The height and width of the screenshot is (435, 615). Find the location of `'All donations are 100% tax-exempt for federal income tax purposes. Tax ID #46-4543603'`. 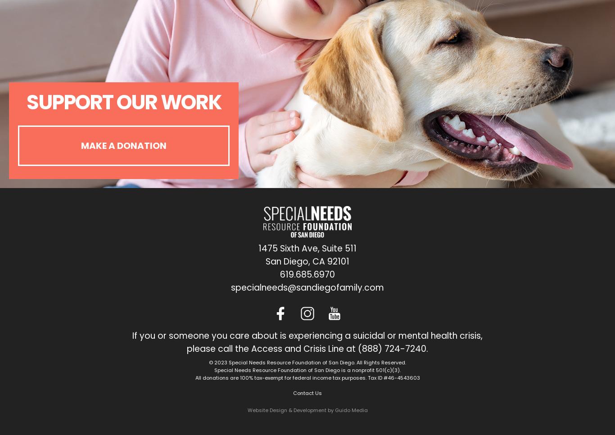

'All donations are 100% tax-exempt for federal income tax purposes. Tax ID #46-4543603' is located at coordinates (307, 377).